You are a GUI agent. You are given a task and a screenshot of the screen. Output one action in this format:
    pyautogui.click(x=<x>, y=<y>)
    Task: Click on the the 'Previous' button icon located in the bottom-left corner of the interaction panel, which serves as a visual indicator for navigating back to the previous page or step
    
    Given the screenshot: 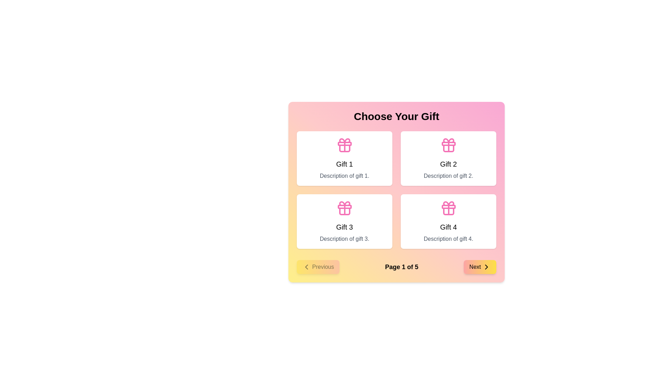 What is the action you would take?
    pyautogui.click(x=306, y=267)
    